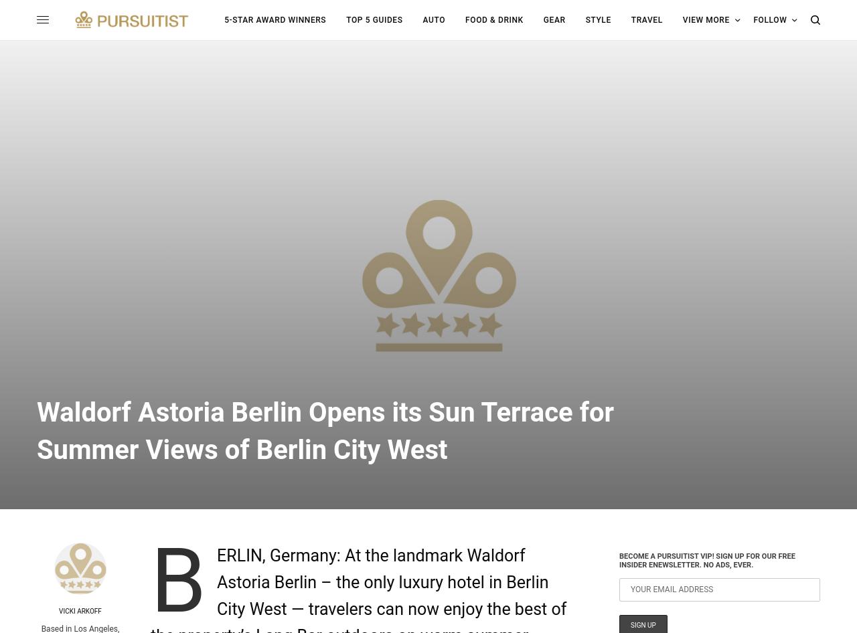 The height and width of the screenshot is (633, 857). Describe the element at coordinates (422, 19) in the screenshot. I see `'Auto'` at that location.